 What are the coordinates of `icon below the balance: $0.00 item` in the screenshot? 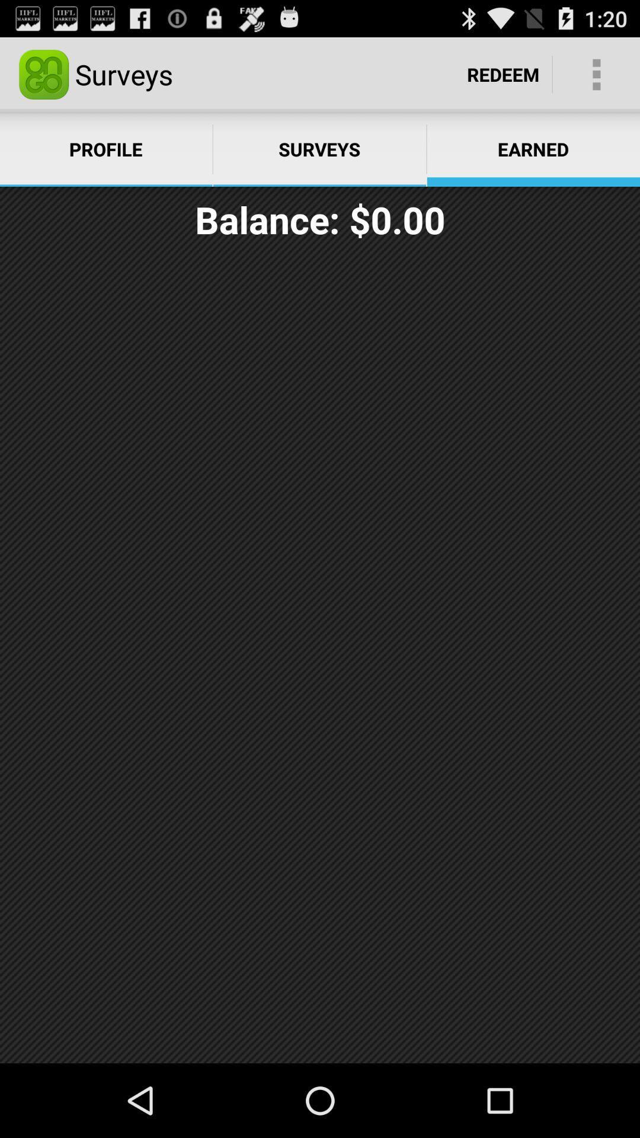 It's located at (320, 657).